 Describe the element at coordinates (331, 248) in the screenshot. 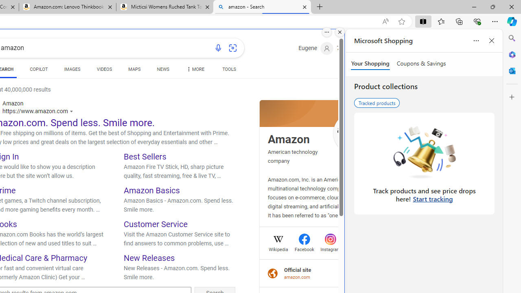

I see `'Instagram'` at that location.